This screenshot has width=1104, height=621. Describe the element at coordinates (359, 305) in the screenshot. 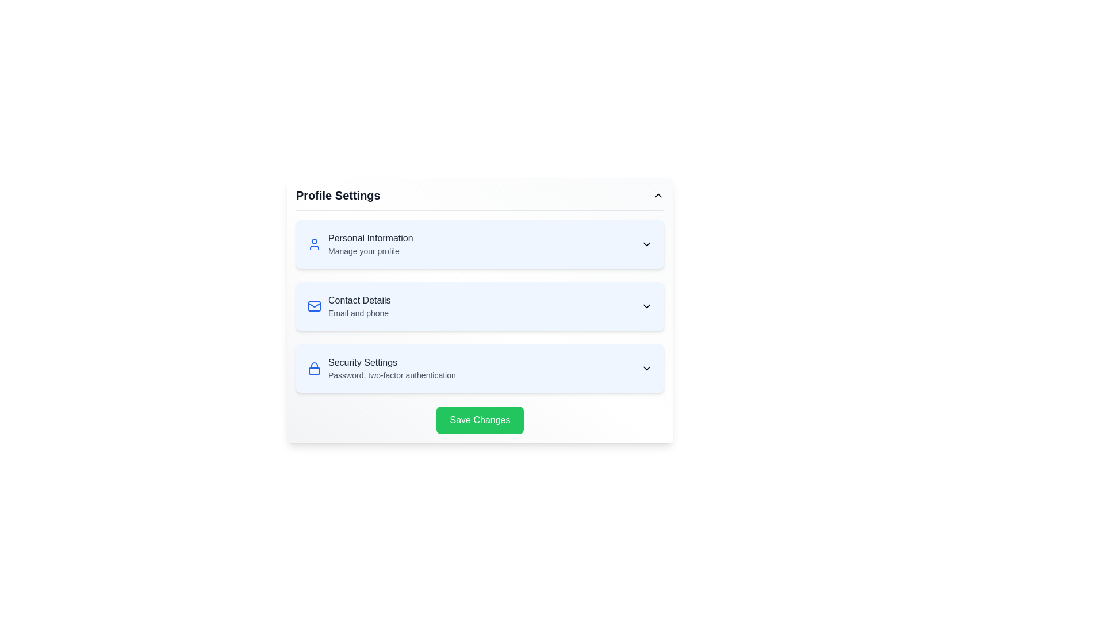

I see `the text label that describes contact information, specifically for email addresses and phone numbers, located in the 'Profile Settings' section as the second item in the vertical list` at that location.